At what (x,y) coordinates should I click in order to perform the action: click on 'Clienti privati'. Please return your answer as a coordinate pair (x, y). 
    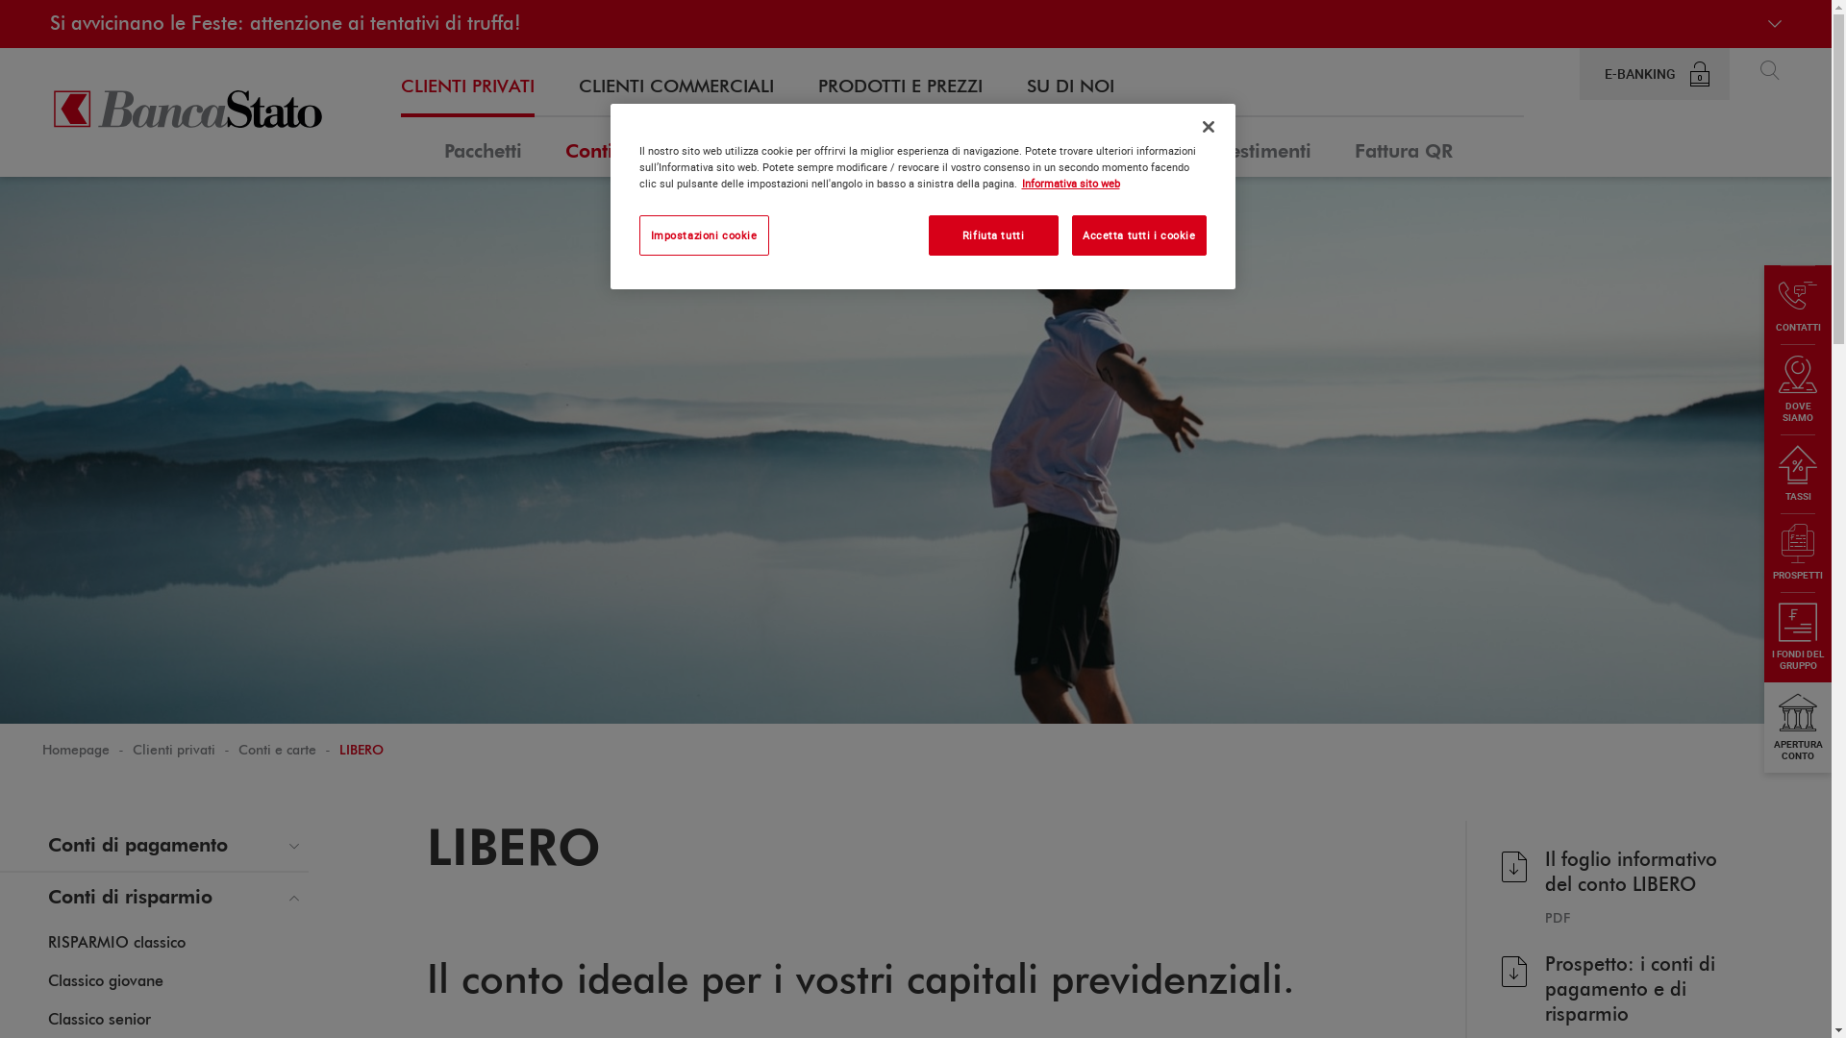
    Looking at the image, I should click on (174, 749).